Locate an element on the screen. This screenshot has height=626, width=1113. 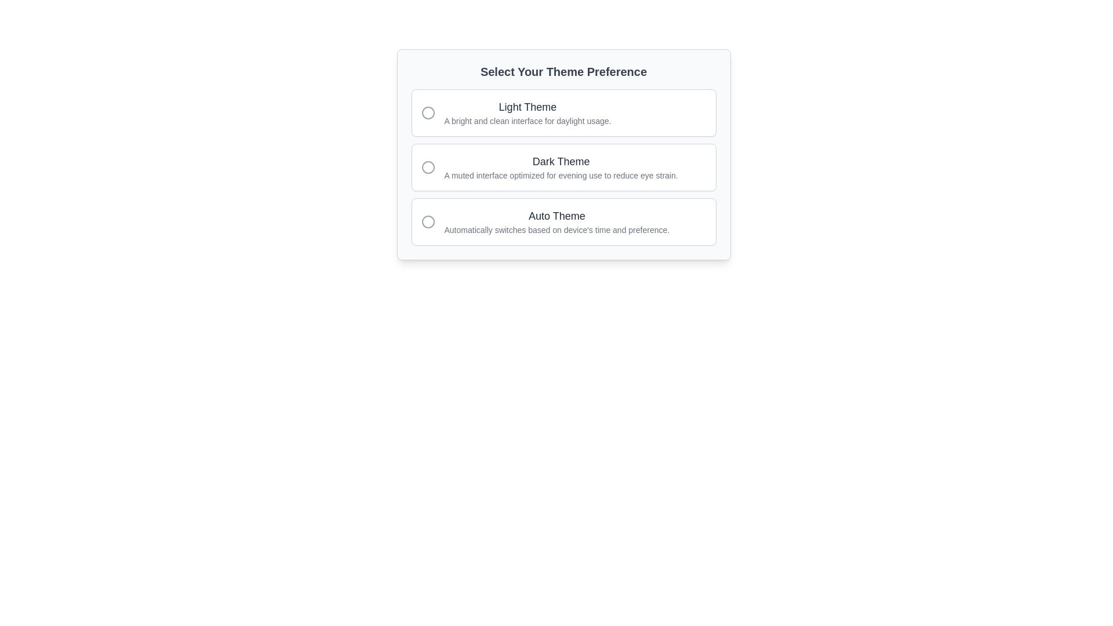
the inner circle of the 'Auto Theme' icon in the third row of the theme selection options list is located at coordinates (427, 221).